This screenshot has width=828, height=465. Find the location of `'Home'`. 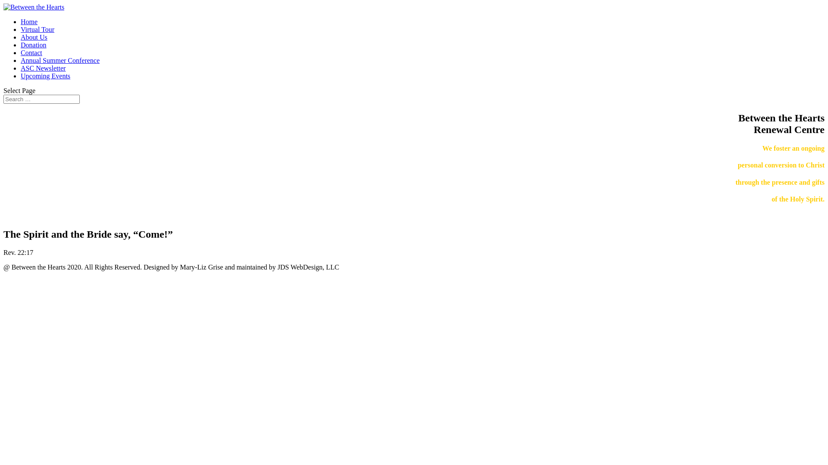

'Home' is located at coordinates (29, 21).